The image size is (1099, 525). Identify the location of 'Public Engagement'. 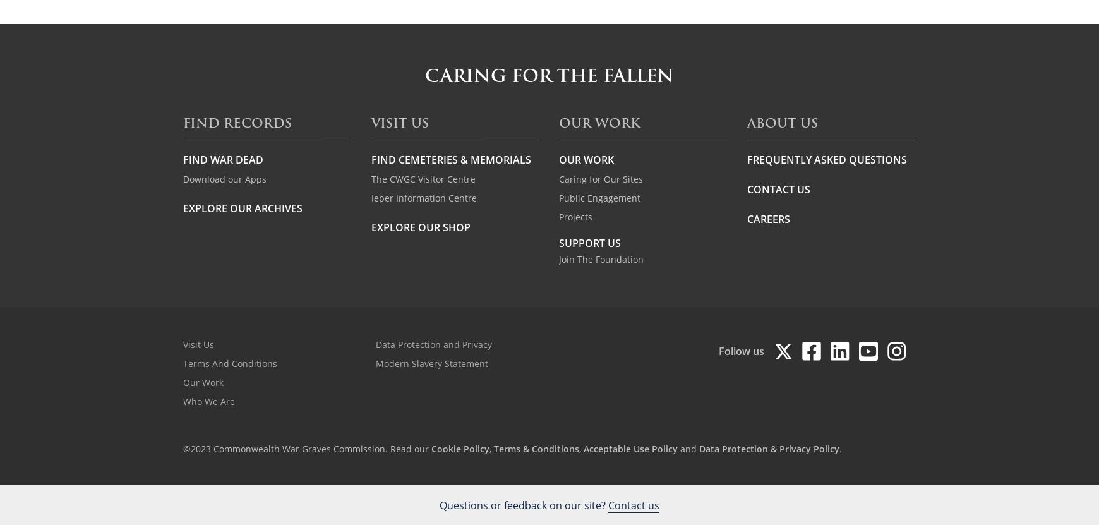
(599, 197).